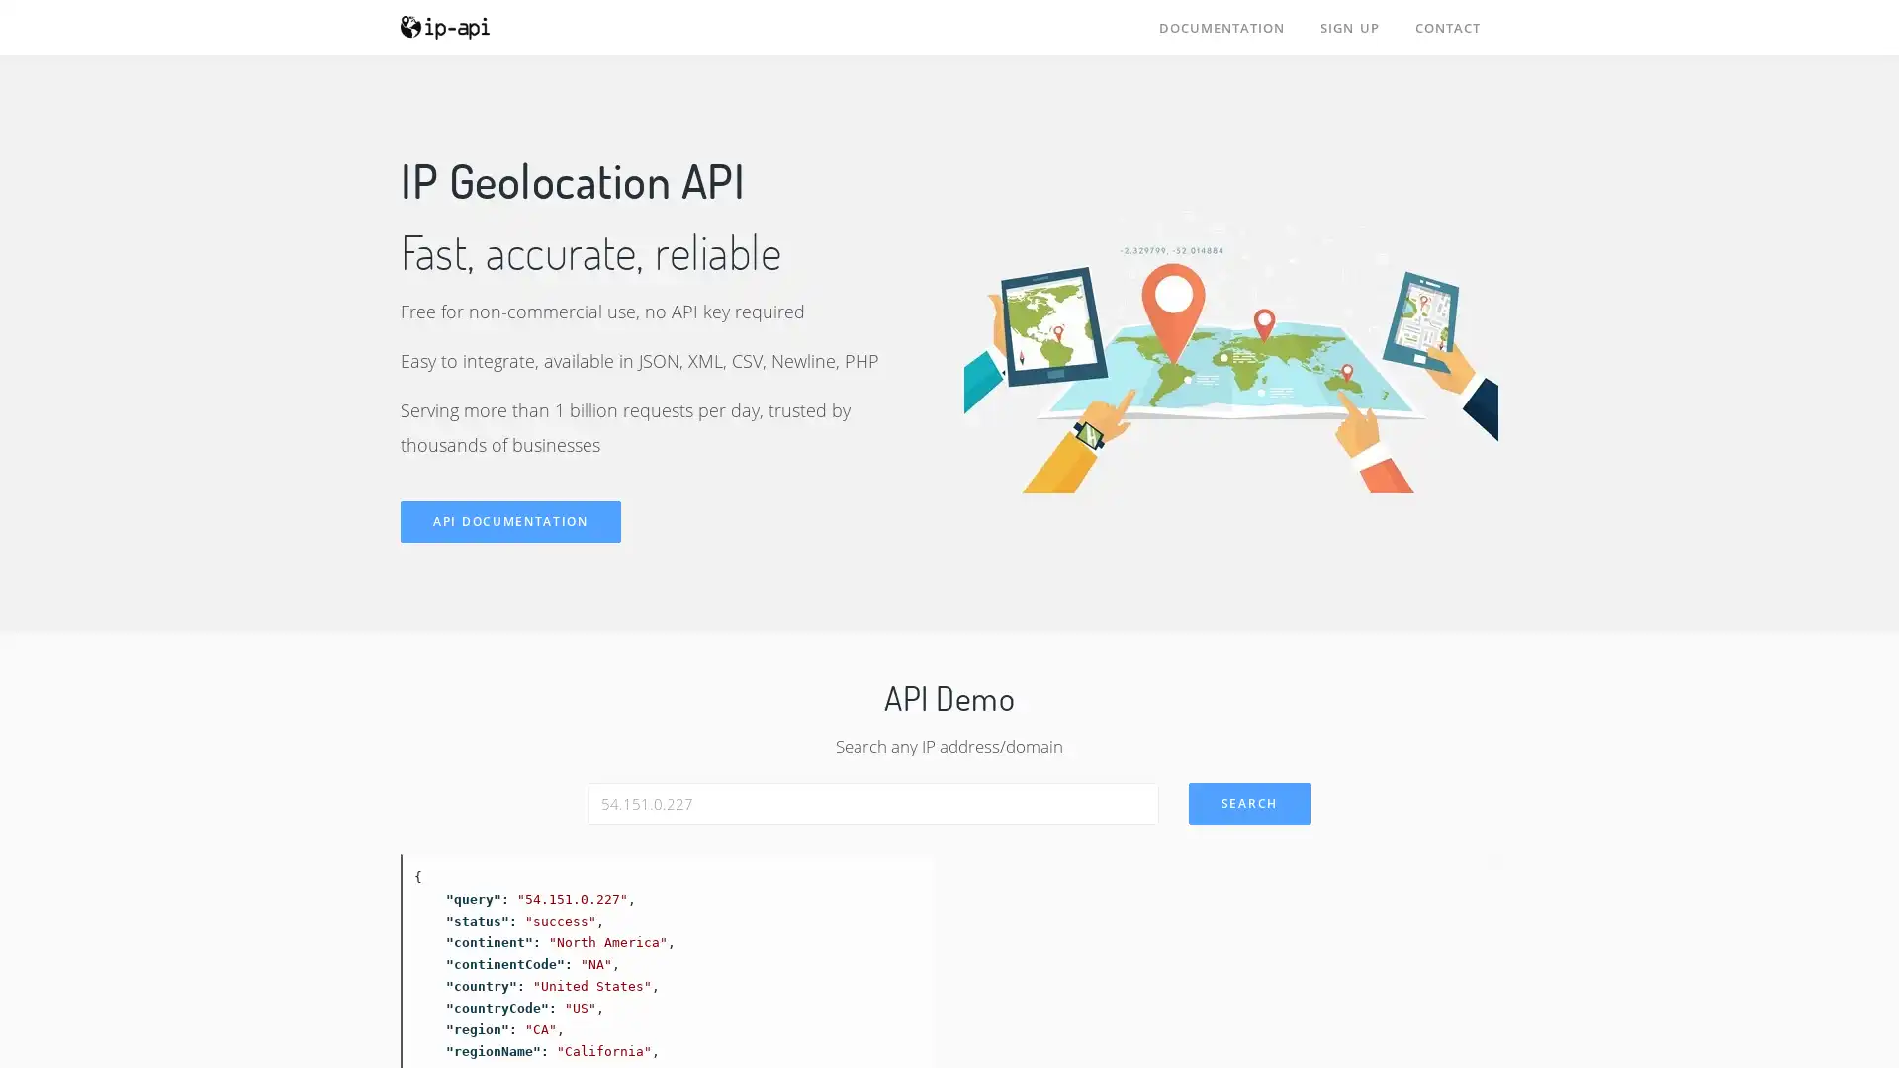  Describe the element at coordinates (1247, 803) in the screenshot. I see `SEARCH` at that location.